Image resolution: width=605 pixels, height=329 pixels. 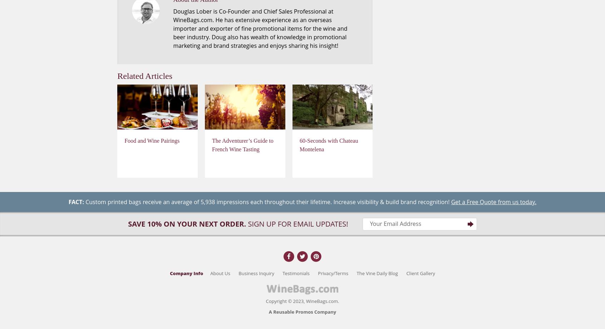 I want to click on 'Custom printed bags receive an average of 5,938 impressions each throughout their lifetime. Increase visibility & build brand recognition!', so click(x=267, y=202).